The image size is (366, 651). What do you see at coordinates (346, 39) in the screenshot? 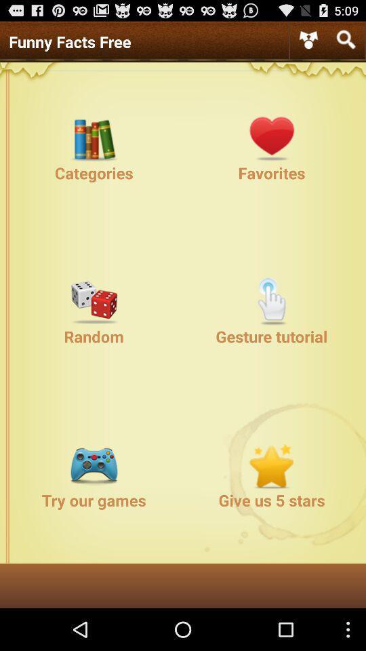
I see `open search bar` at bounding box center [346, 39].